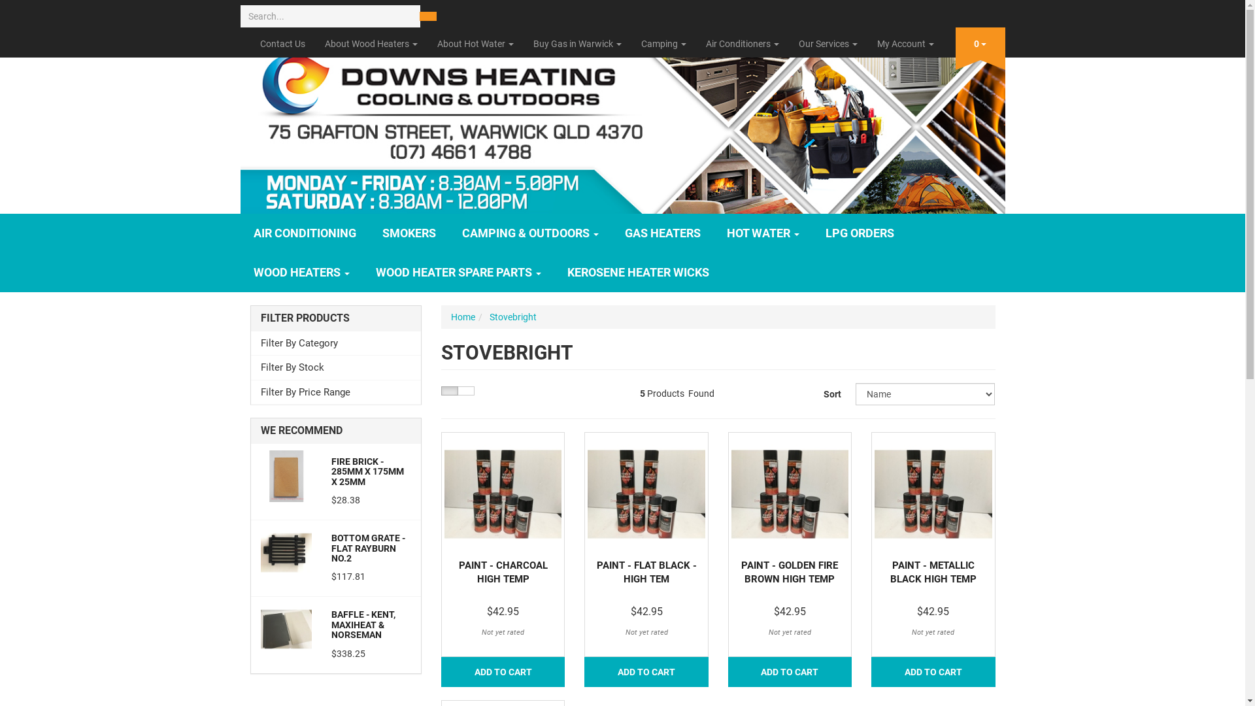  Describe the element at coordinates (741, 571) in the screenshot. I see `'PAINT - GOLDEN FIRE BROWN HIGH TEMP'` at that location.